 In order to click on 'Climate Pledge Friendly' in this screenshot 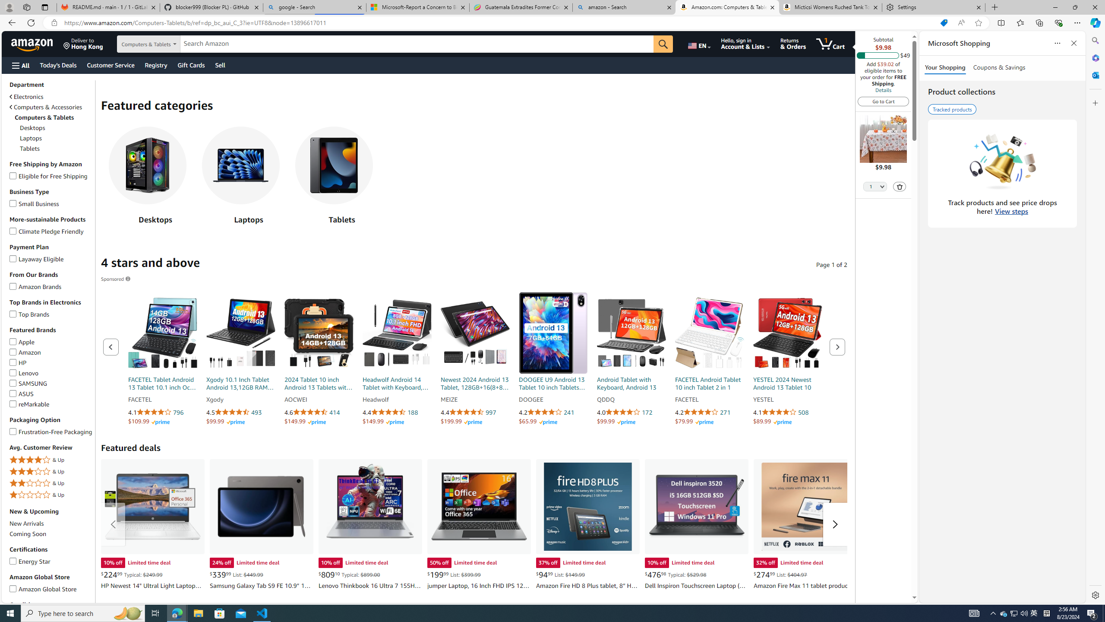, I will do `click(13, 230)`.